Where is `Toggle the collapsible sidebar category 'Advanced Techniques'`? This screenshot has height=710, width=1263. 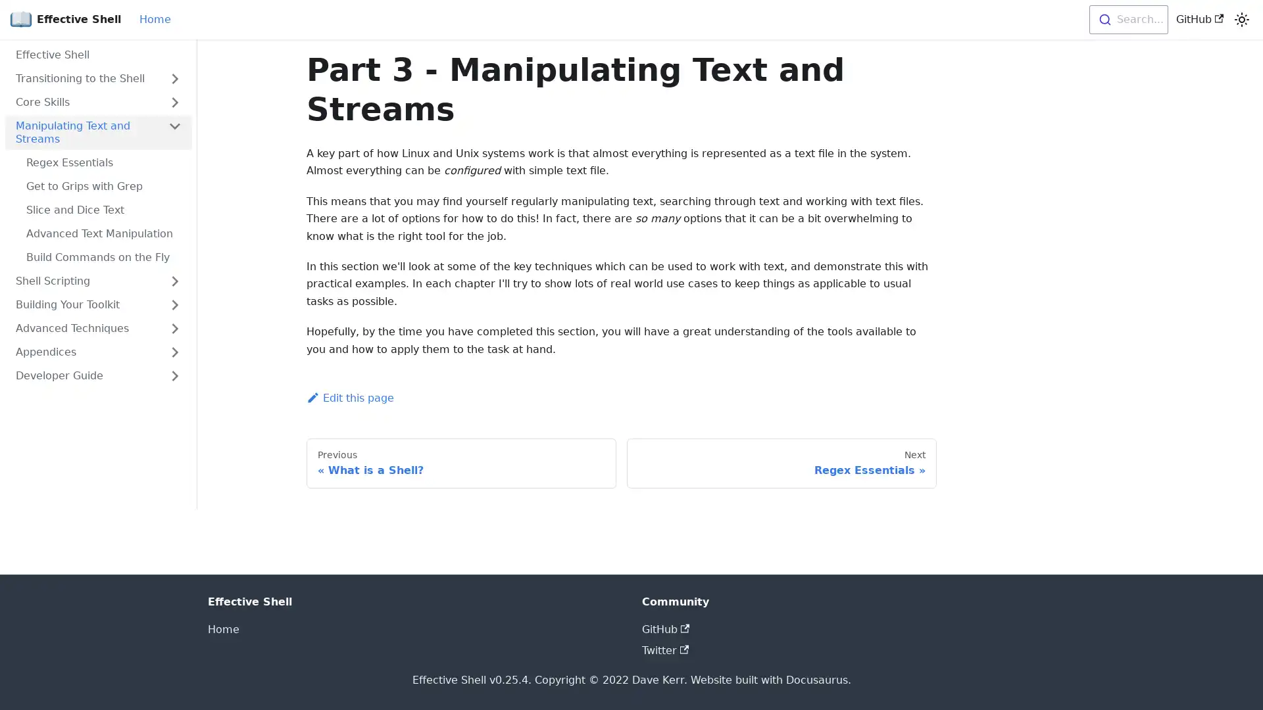 Toggle the collapsible sidebar category 'Advanced Techniques' is located at coordinates (174, 328).